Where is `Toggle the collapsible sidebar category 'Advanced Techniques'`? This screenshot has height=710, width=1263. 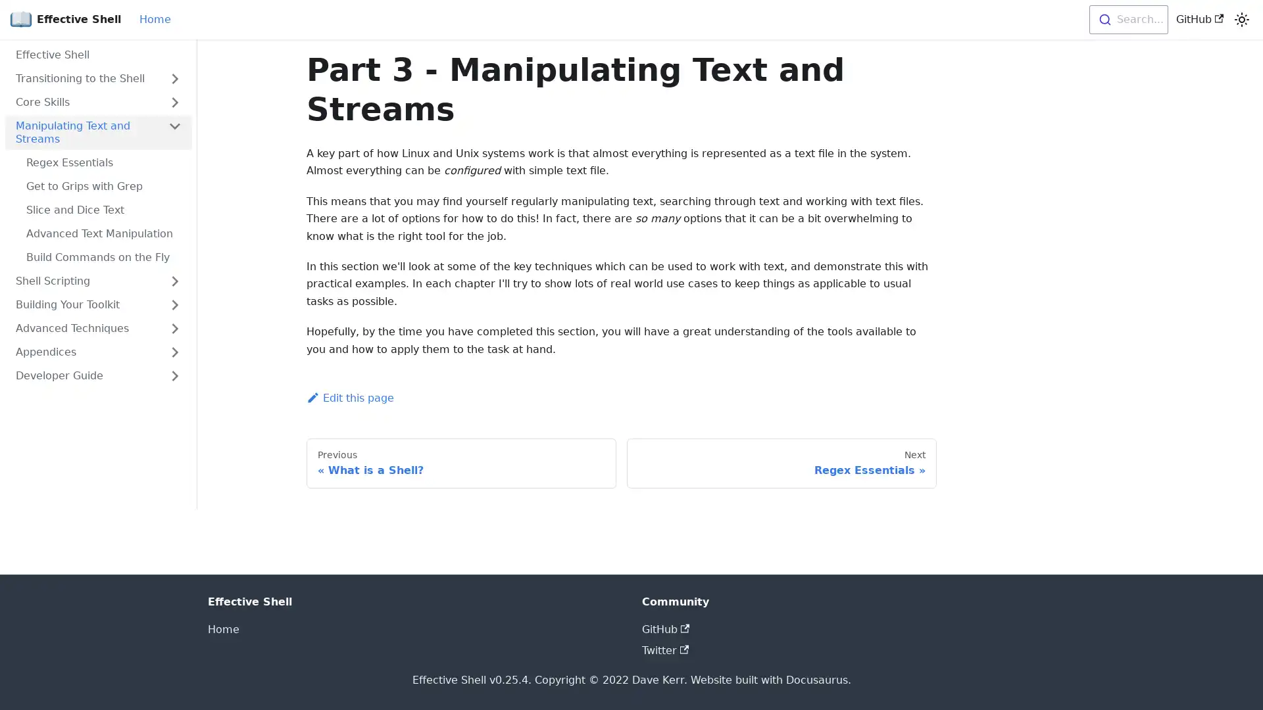 Toggle the collapsible sidebar category 'Advanced Techniques' is located at coordinates (174, 328).